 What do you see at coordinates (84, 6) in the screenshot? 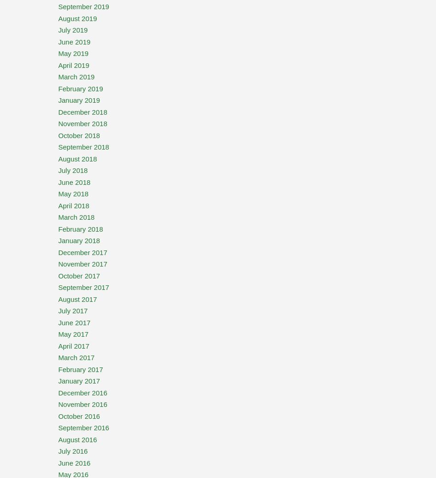
I see `'September 2019'` at bounding box center [84, 6].